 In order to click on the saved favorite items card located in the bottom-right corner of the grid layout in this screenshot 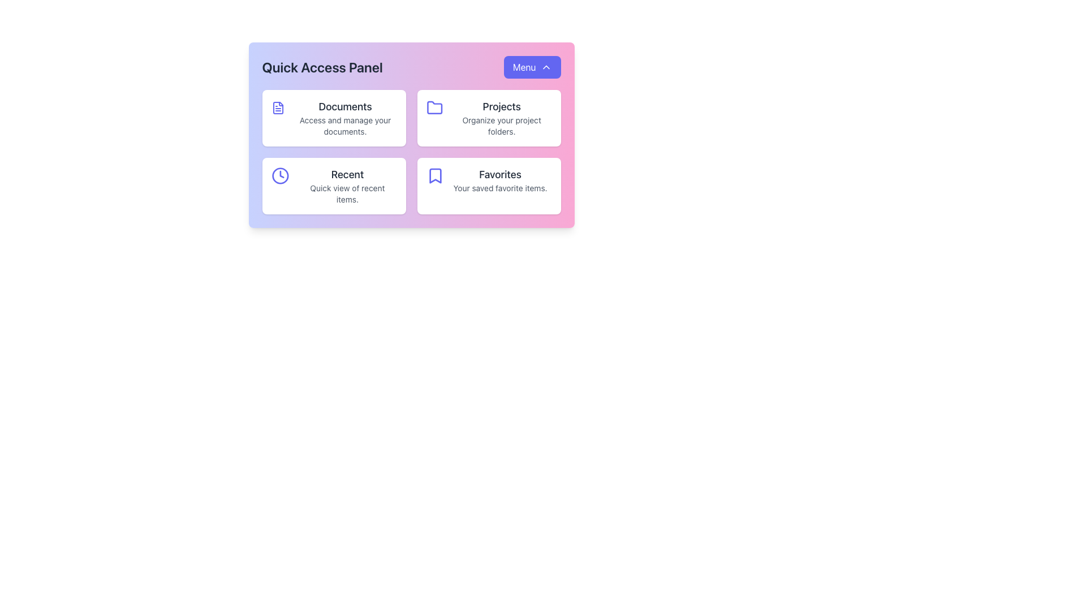, I will do `click(489, 185)`.